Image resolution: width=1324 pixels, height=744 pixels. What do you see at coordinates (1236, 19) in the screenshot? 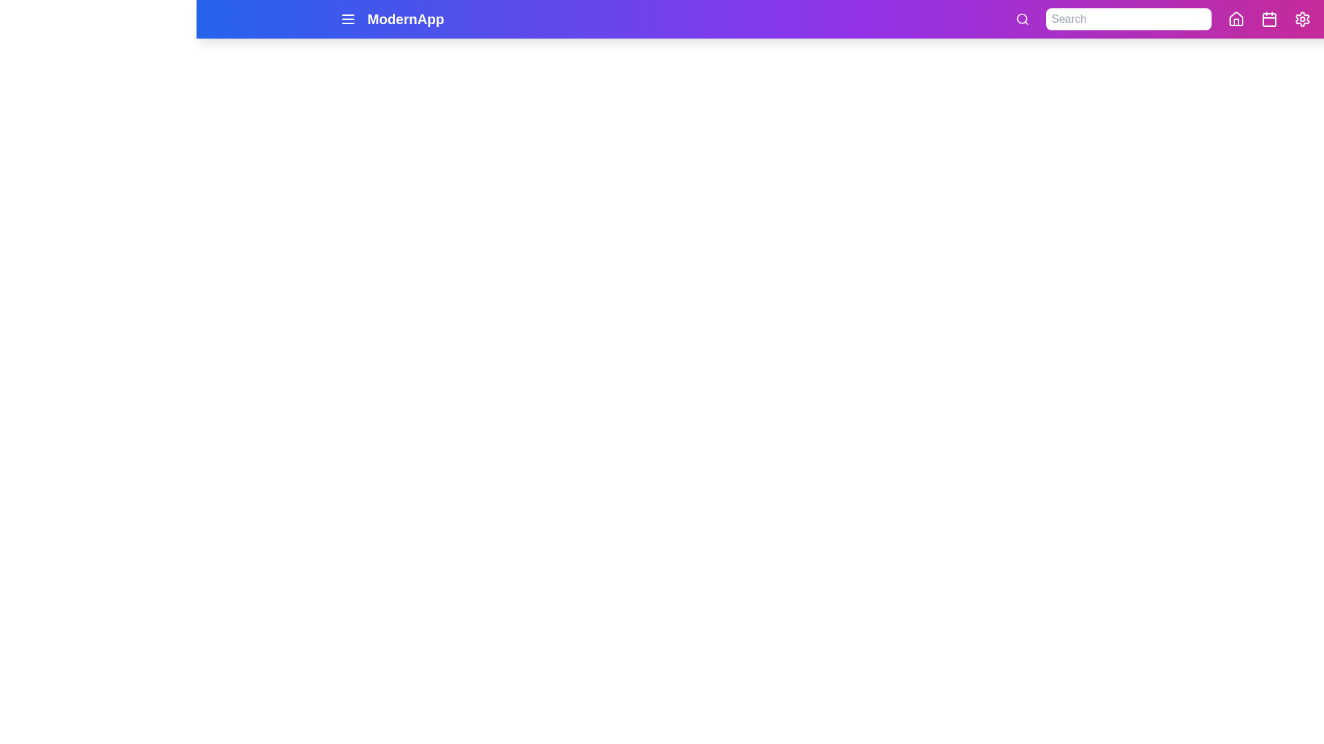
I see `the house icon located in the top-right section of the navigation bar` at bounding box center [1236, 19].